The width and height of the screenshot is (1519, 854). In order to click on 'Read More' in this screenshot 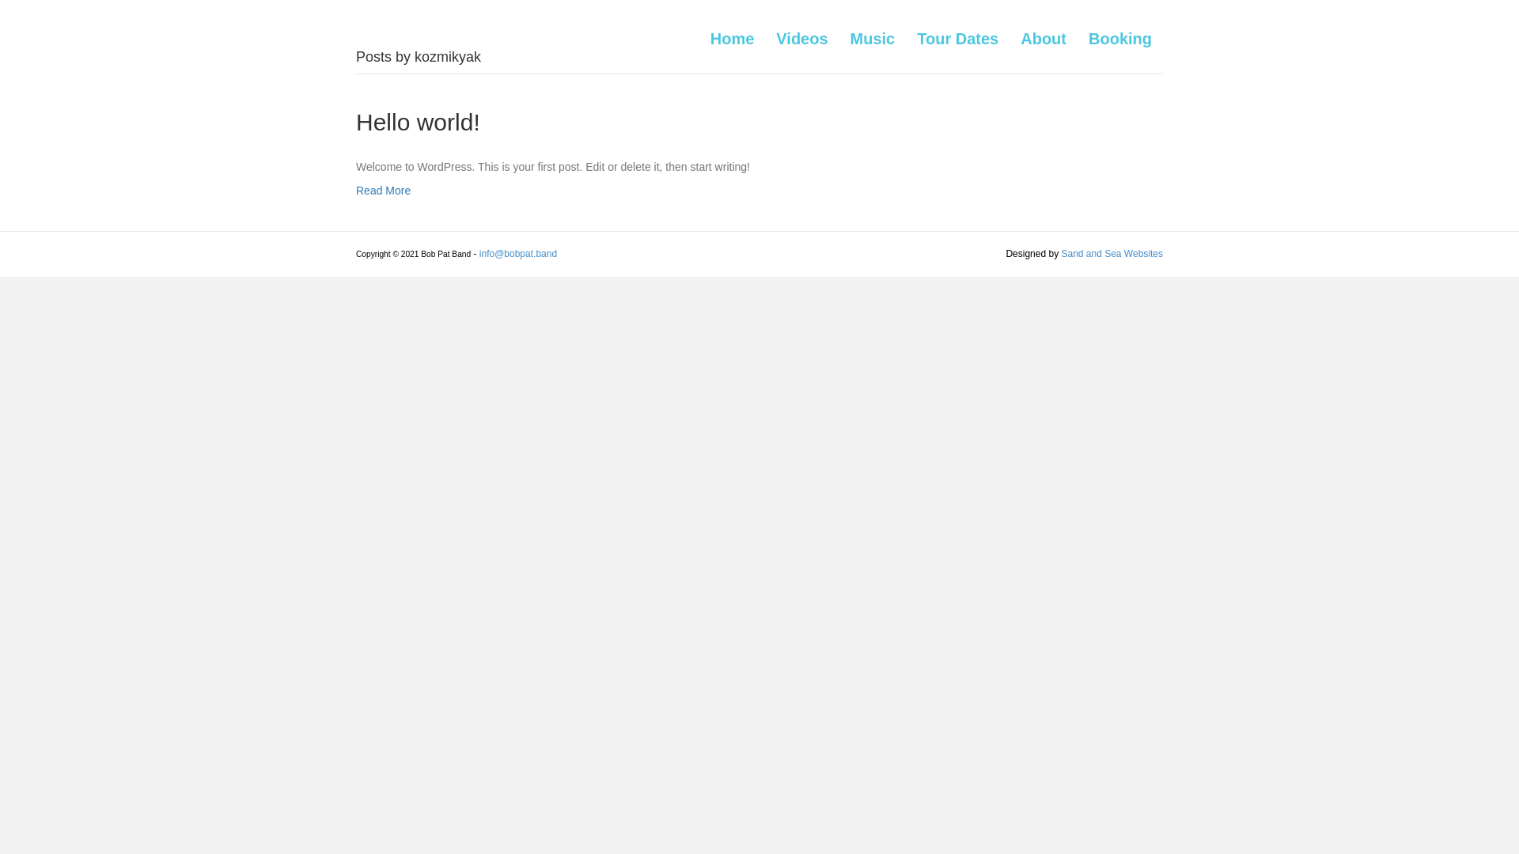, I will do `click(383, 189)`.